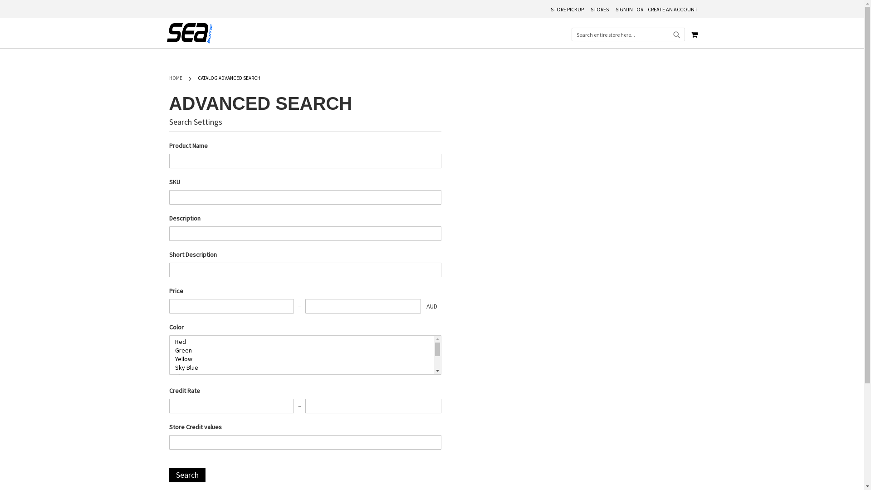 This screenshot has width=871, height=490. Describe the element at coordinates (305, 160) in the screenshot. I see `'Product Name'` at that location.